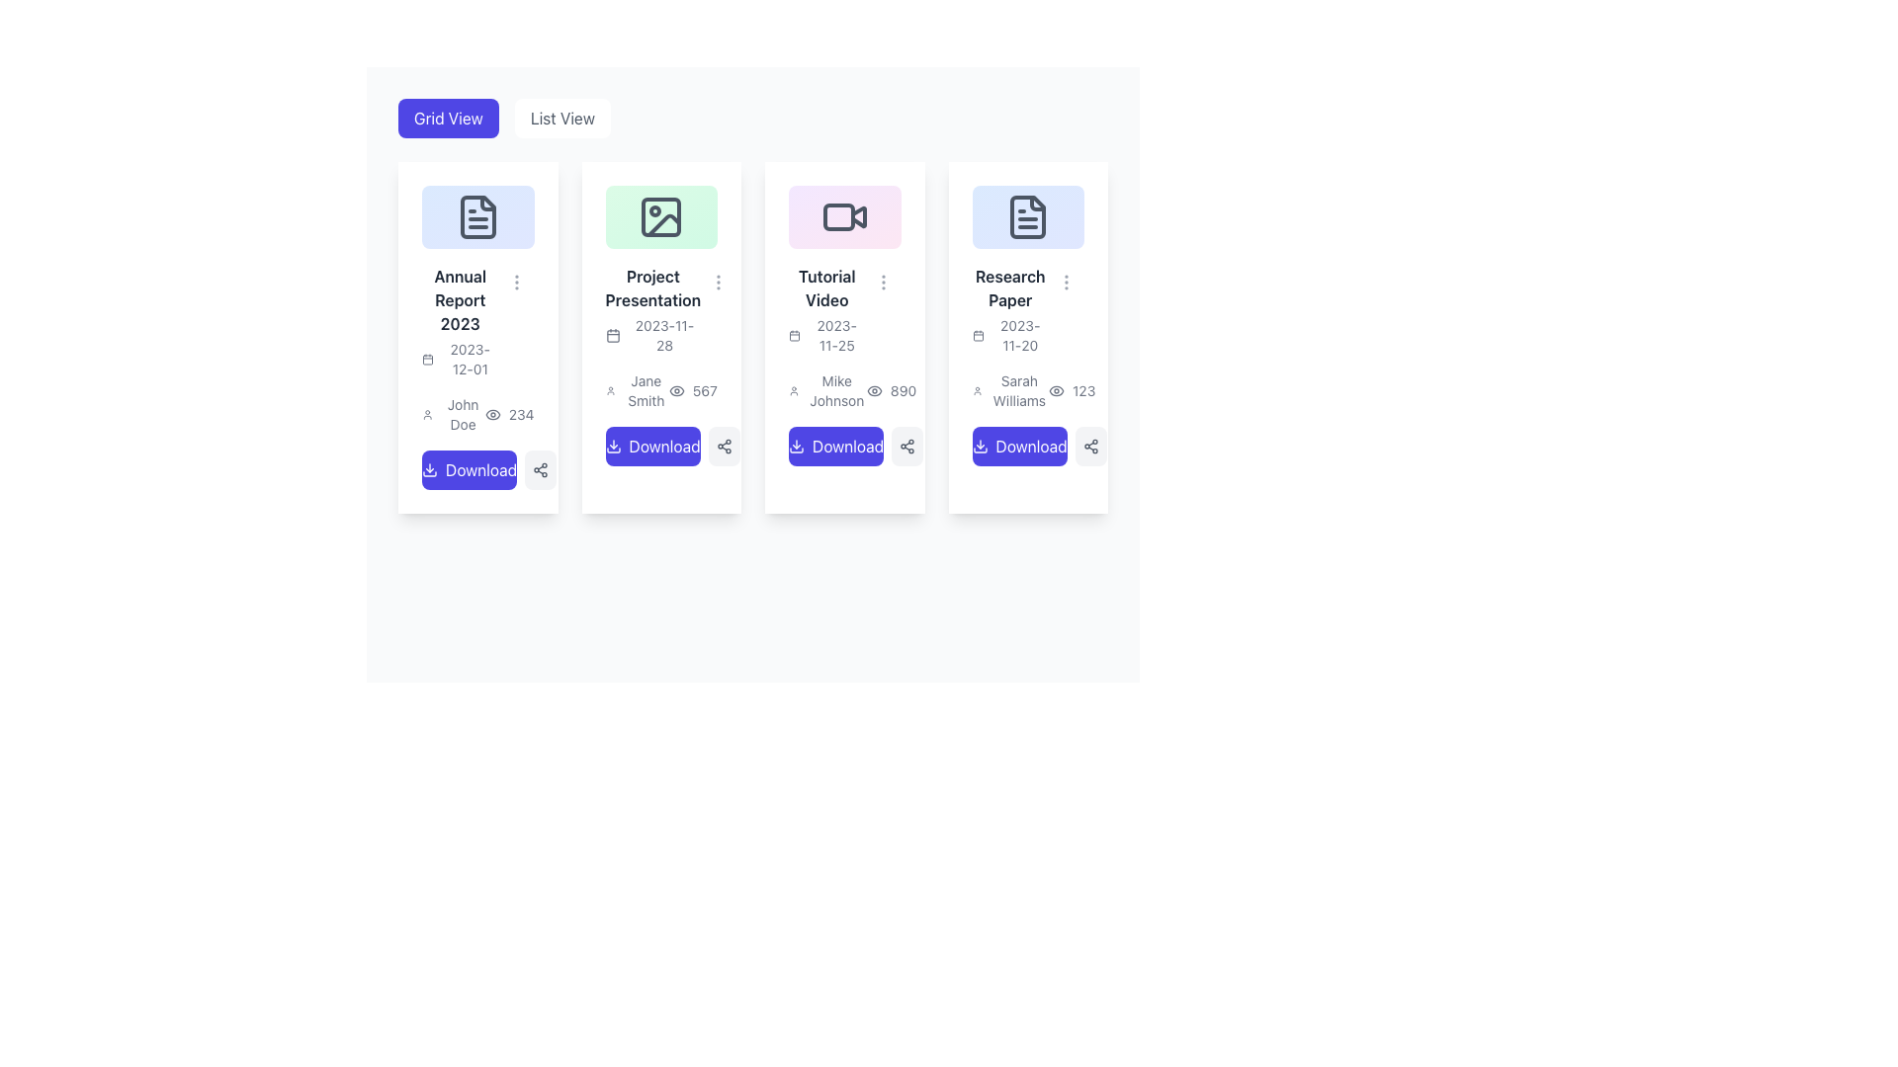  I want to click on the share button featuring an icon of three connected circles and lines, located to the right of the 'Download' button in the 'Research Paper' card, so click(1089, 446).